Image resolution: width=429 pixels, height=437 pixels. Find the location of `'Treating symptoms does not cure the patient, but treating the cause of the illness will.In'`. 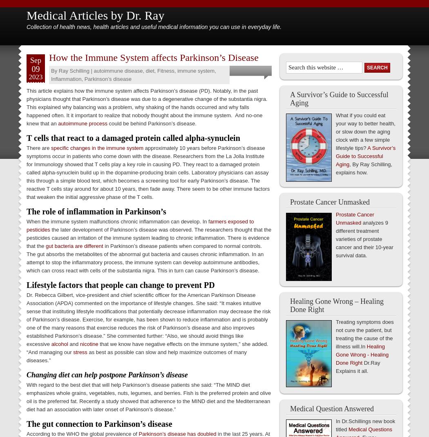

'Treating symptoms does not cure the patient, but treating the cause of the illness will.In' is located at coordinates (364, 334).